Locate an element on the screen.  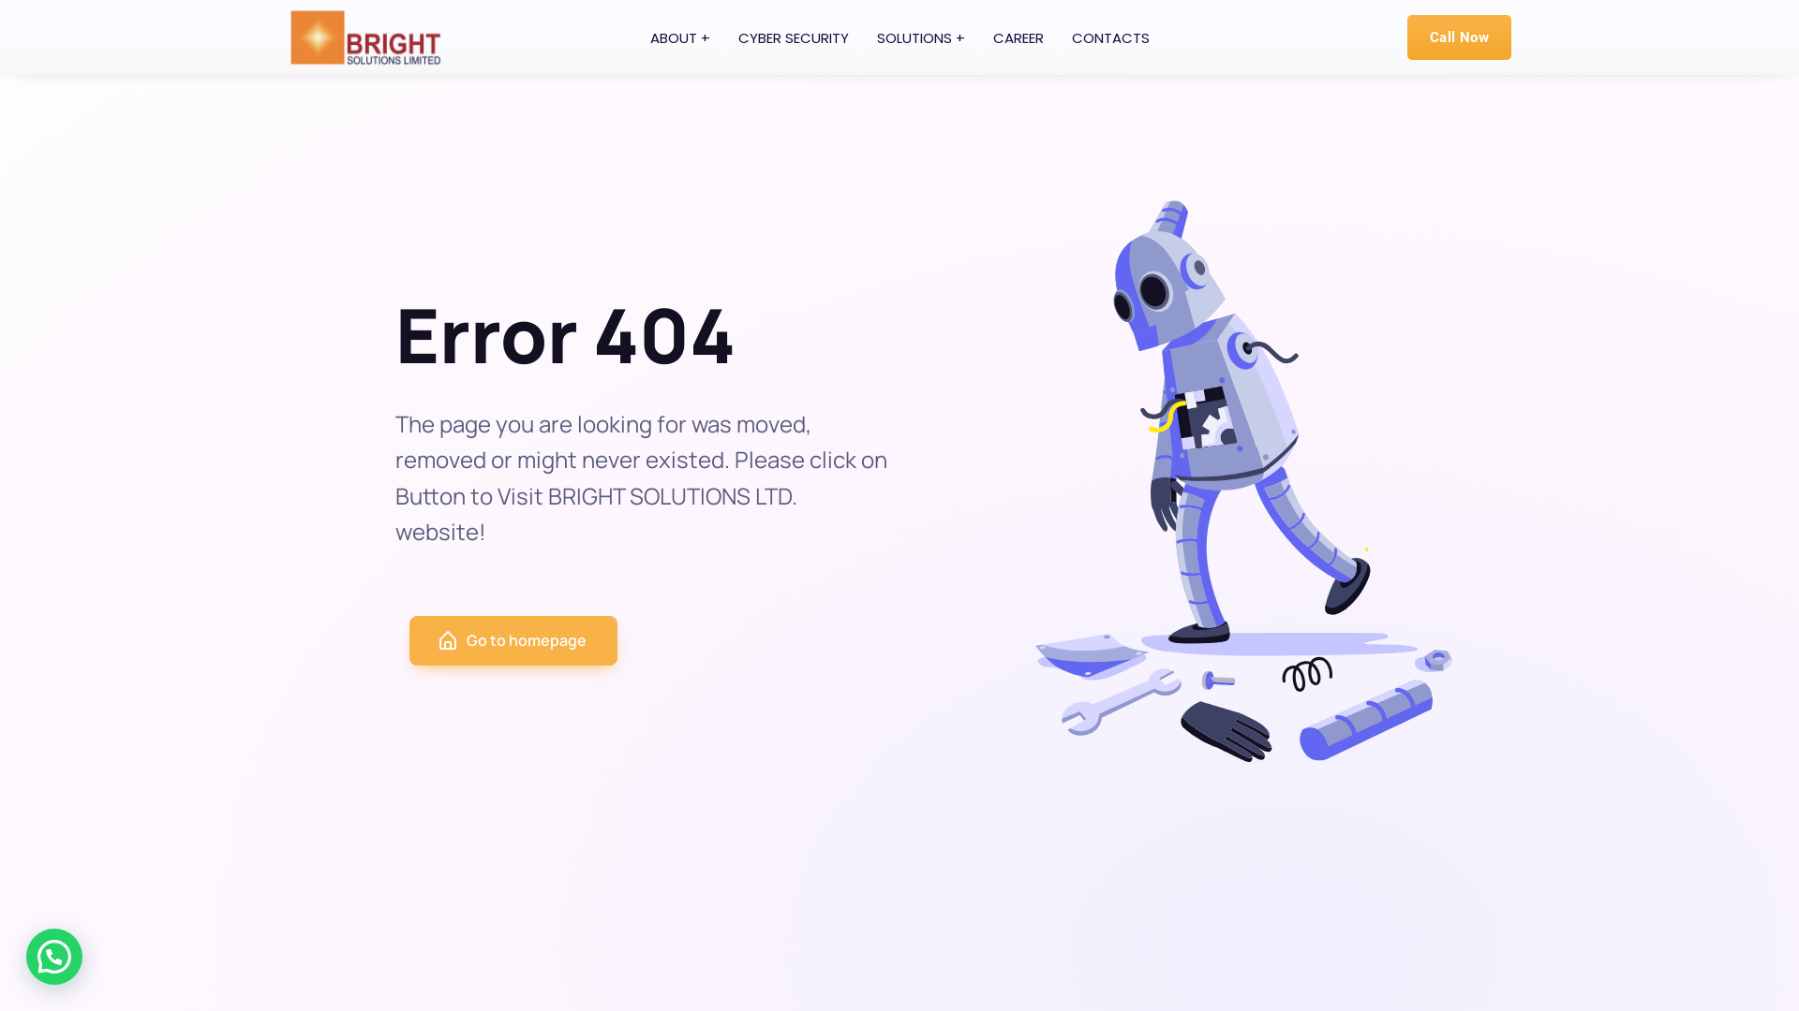
'Bright-Logo-2' is located at coordinates (364, 37).